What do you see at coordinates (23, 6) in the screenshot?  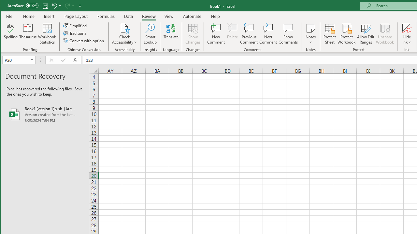 I see `'AutoSave'` at bounding box center [23, 6].